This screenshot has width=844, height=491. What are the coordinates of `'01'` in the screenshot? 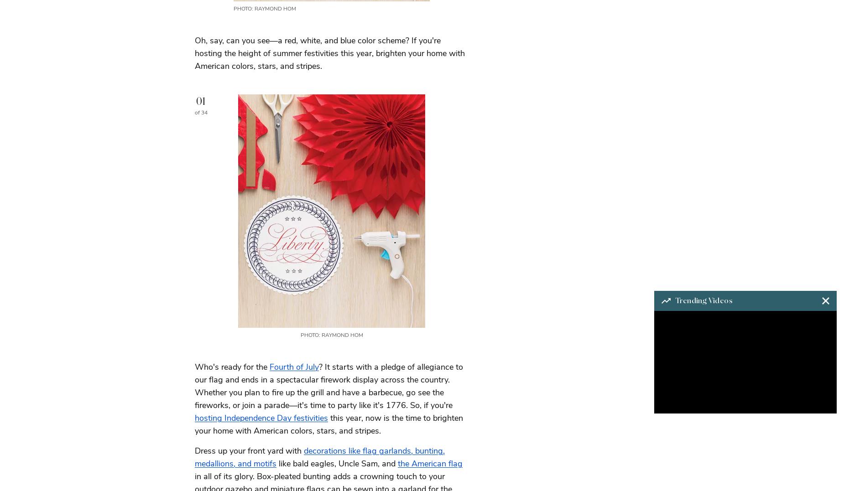 It's located at (200, 101).